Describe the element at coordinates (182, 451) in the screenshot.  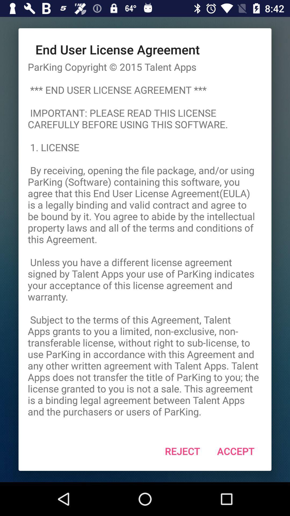
I see `the reject` at that location.